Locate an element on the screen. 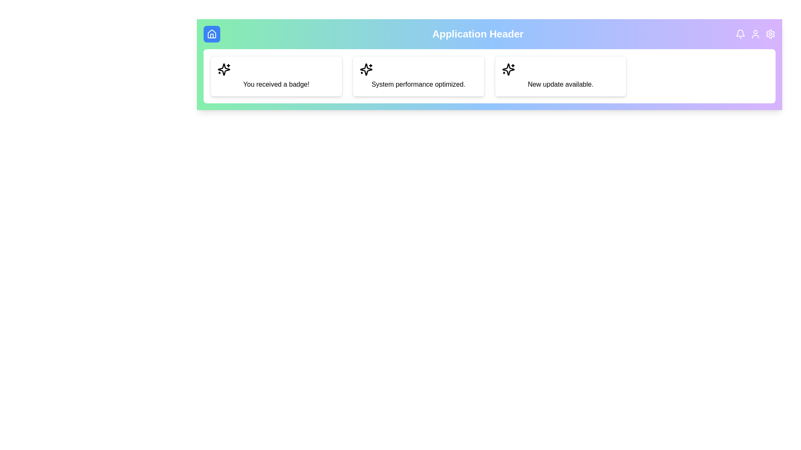 This screenshot has width=801, height=450. the notification card with the text 'System performance optimized.' is located at coordinates (418, 76).